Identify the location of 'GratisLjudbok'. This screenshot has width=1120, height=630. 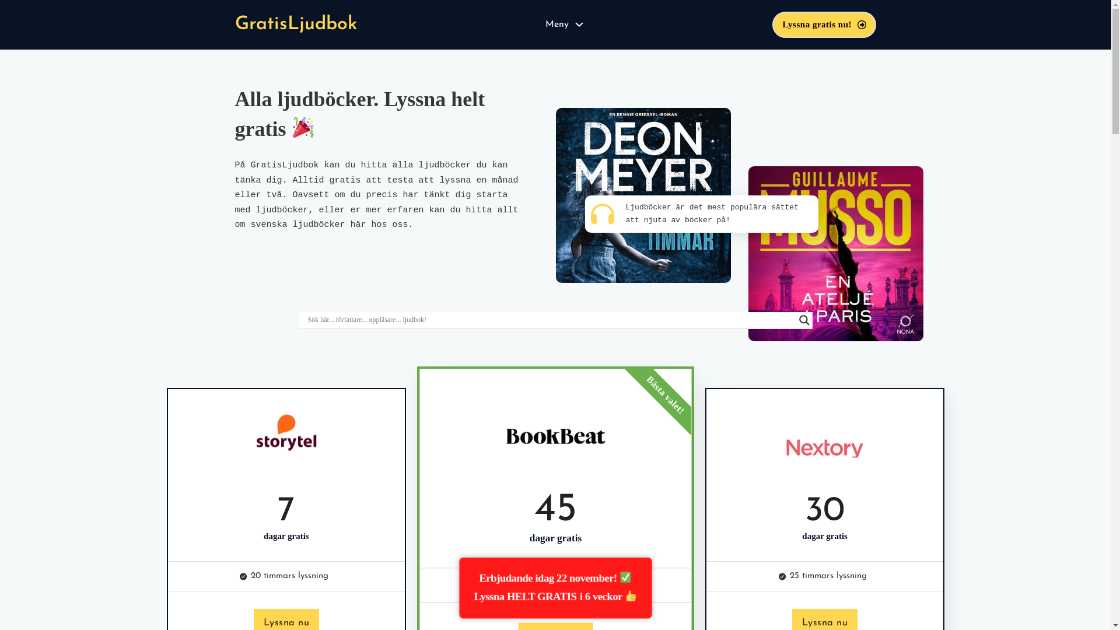
(234, 24).